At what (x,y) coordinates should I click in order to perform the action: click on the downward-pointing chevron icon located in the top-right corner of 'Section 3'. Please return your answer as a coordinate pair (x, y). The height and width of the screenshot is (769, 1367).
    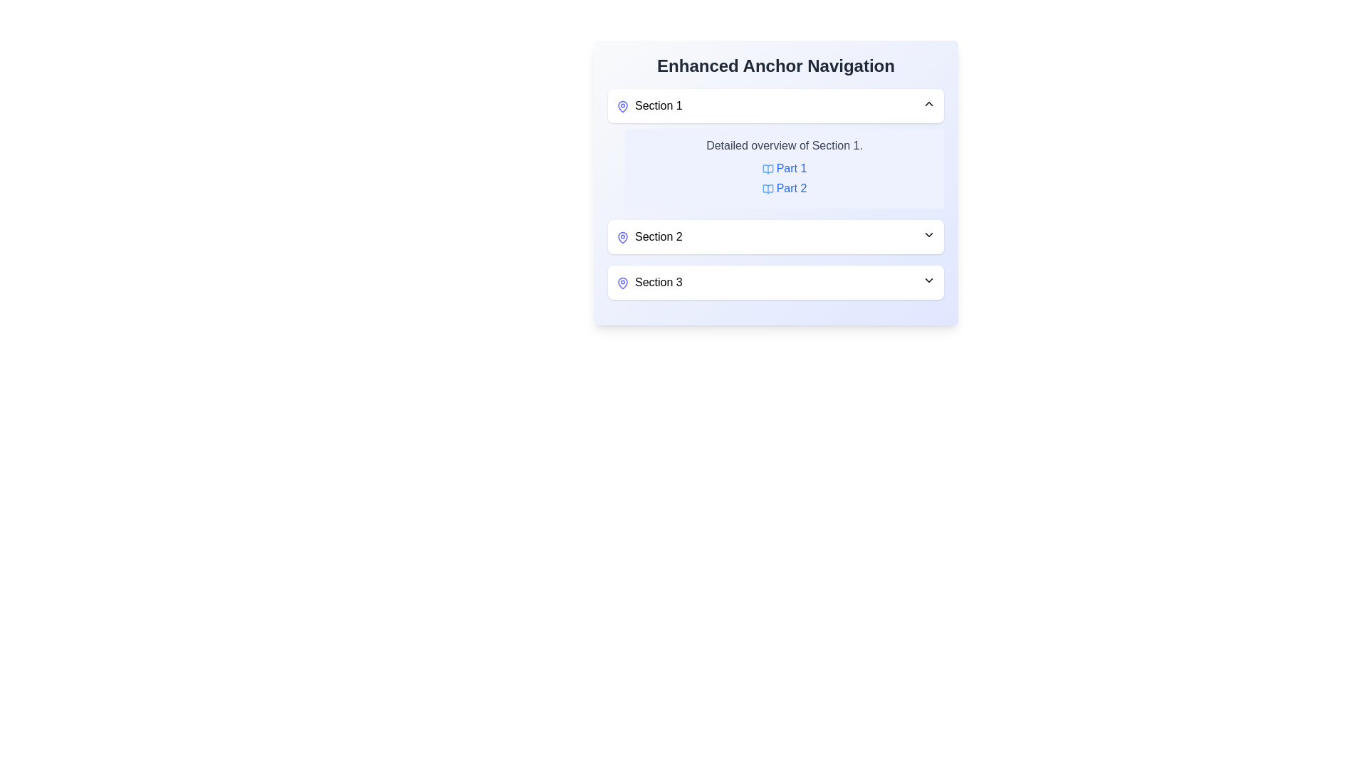
    Looking at the image, I should click on (929, 280).